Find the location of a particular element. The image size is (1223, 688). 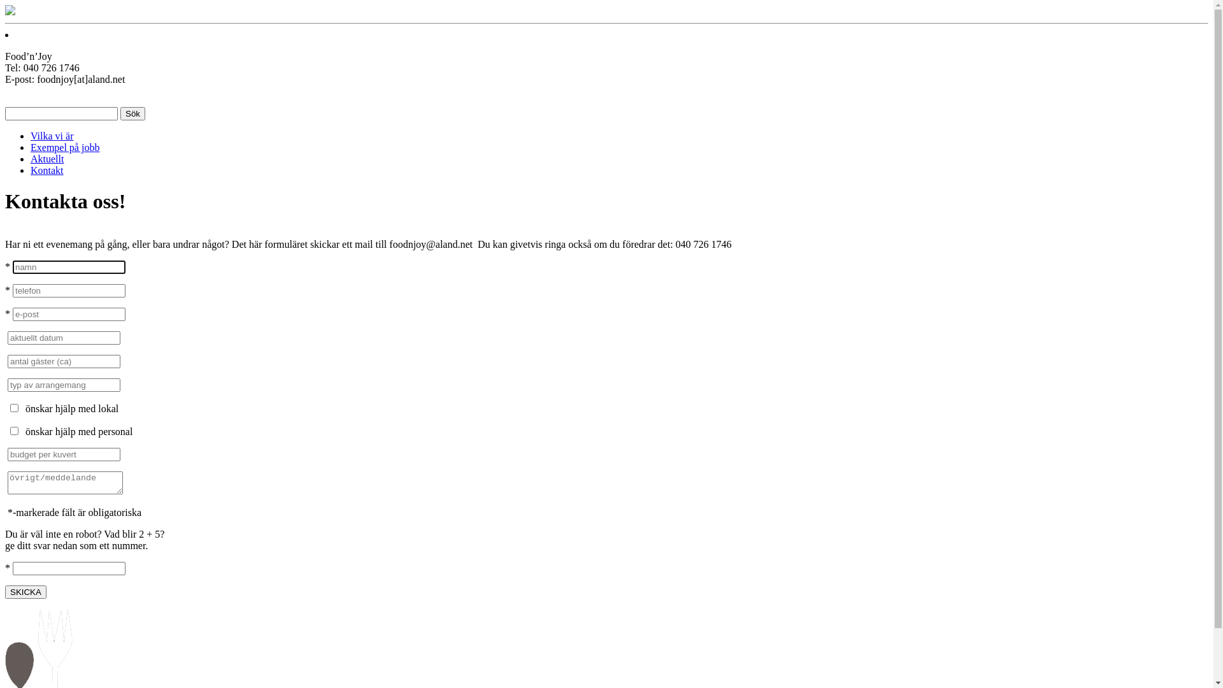

'Kontakt' is located at coordinates (46, 169).